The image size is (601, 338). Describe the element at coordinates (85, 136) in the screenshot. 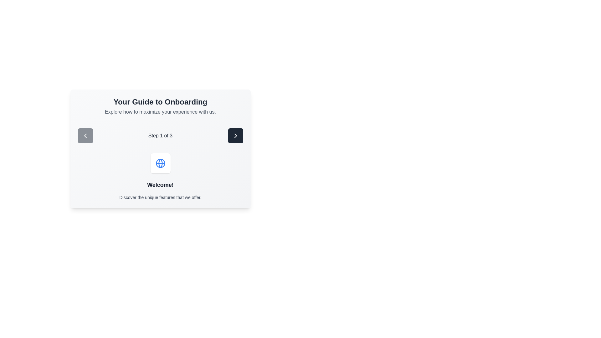

I see `the leftward arrow within the gray circular button` at that location.